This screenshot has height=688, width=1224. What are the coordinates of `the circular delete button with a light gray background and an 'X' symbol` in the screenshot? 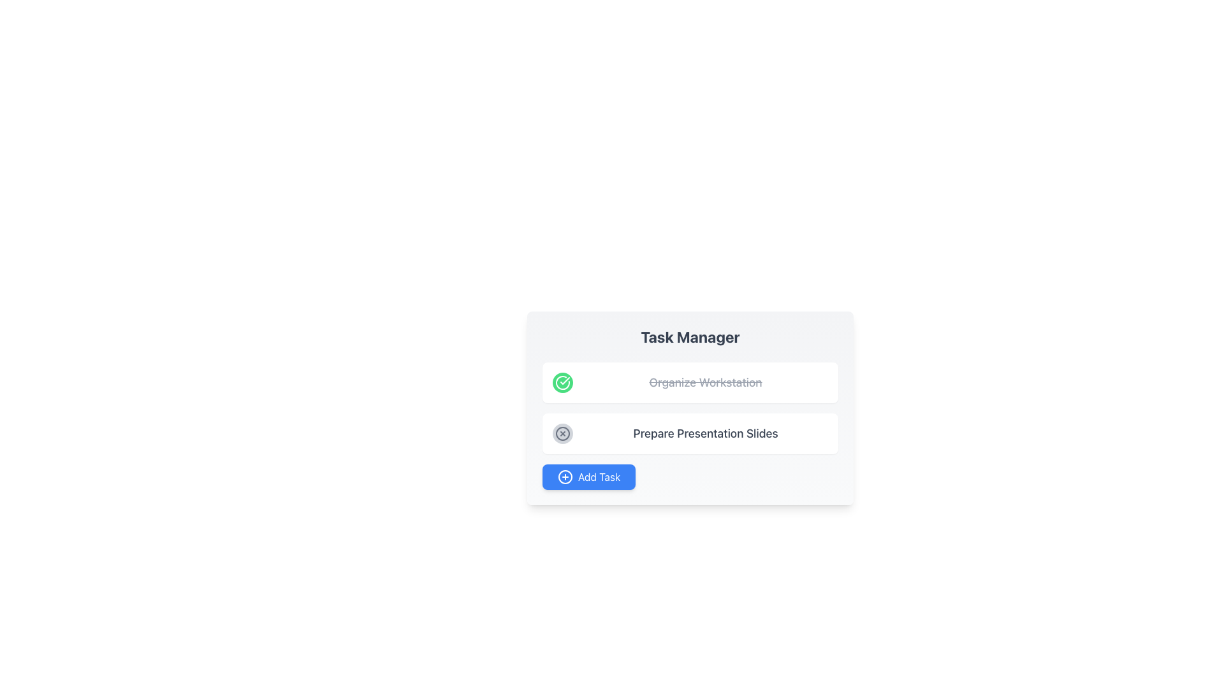 It's located at (562, 433).